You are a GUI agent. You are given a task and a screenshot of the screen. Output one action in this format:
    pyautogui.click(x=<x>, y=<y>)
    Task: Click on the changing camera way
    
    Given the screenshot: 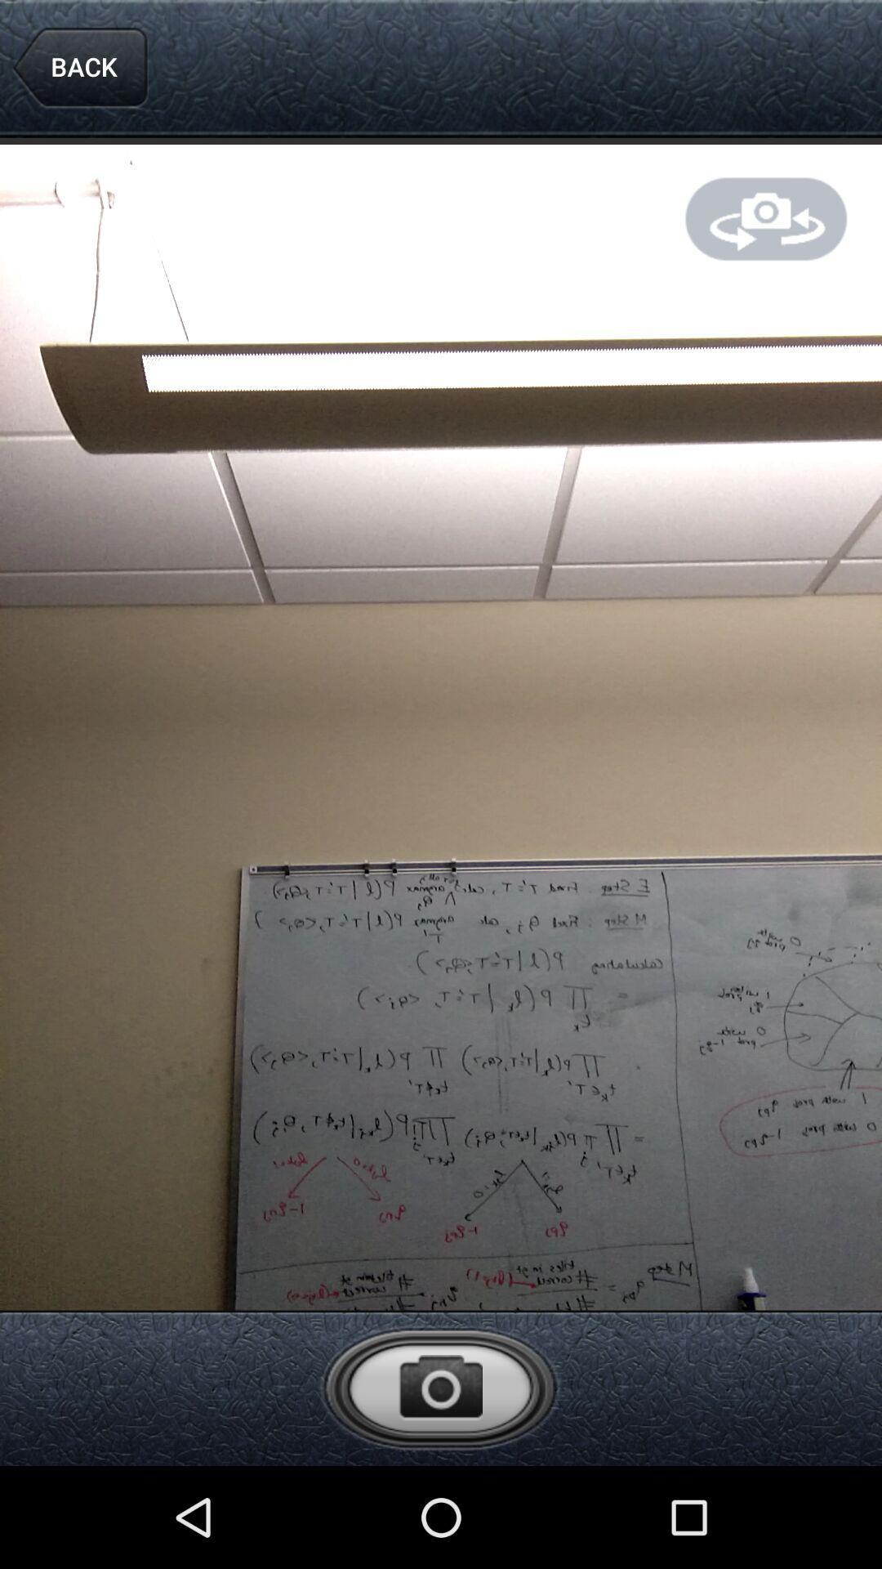 What is the action you would take?
    pyautogui.click(x=766, y=218)
    